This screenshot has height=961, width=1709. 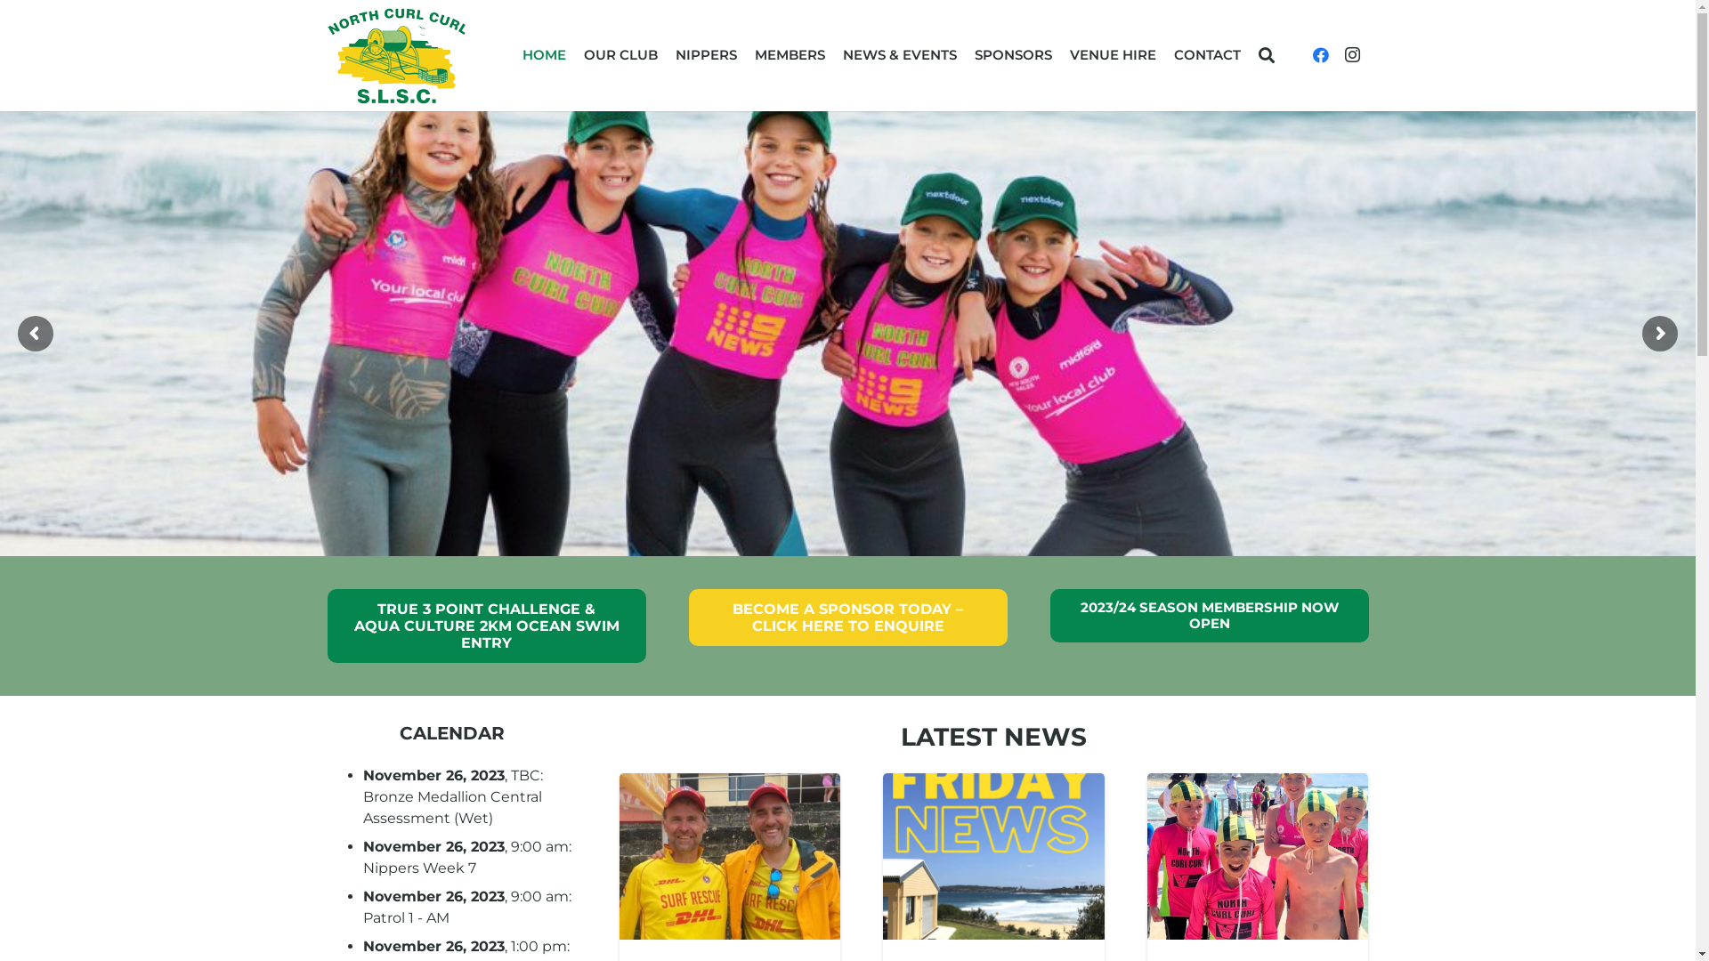 I want to click on 'NIPPERS', so click(x=665, y=53).